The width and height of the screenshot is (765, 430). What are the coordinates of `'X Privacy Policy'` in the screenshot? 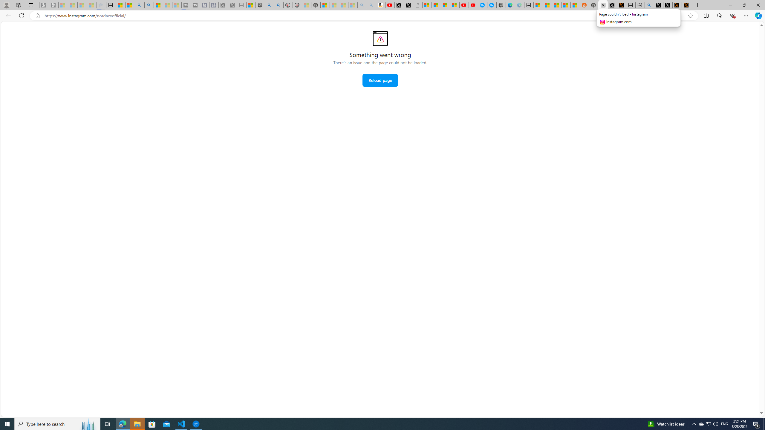 It's located at (686, 5).